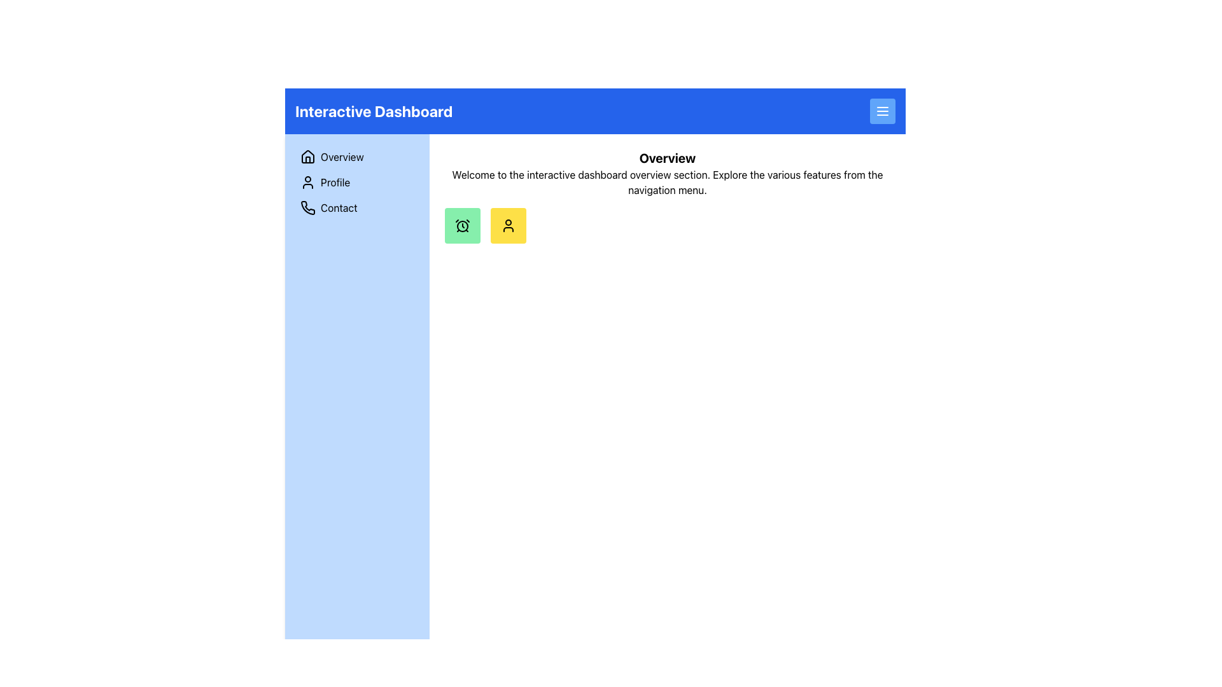  What do you see at coordinates (356, 156) in the screenshot?
I see `the navigation button located at the top of the vertical list in the left sidebar, which updates the interface` at bounding box center [356, 156].